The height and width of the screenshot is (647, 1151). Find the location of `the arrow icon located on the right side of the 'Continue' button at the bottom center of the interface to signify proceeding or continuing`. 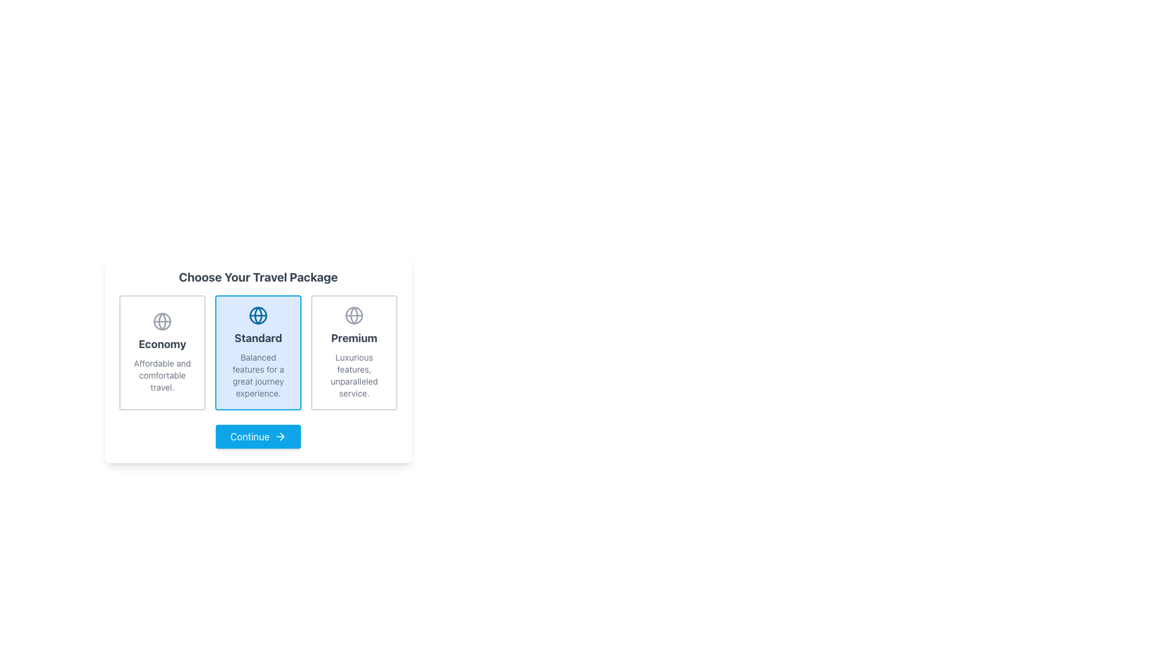

the arrow icon located on the right side of the 'Continue' button at the bottom center of the interface to signify proceeding or continuing is located at coordinates (279, 437).